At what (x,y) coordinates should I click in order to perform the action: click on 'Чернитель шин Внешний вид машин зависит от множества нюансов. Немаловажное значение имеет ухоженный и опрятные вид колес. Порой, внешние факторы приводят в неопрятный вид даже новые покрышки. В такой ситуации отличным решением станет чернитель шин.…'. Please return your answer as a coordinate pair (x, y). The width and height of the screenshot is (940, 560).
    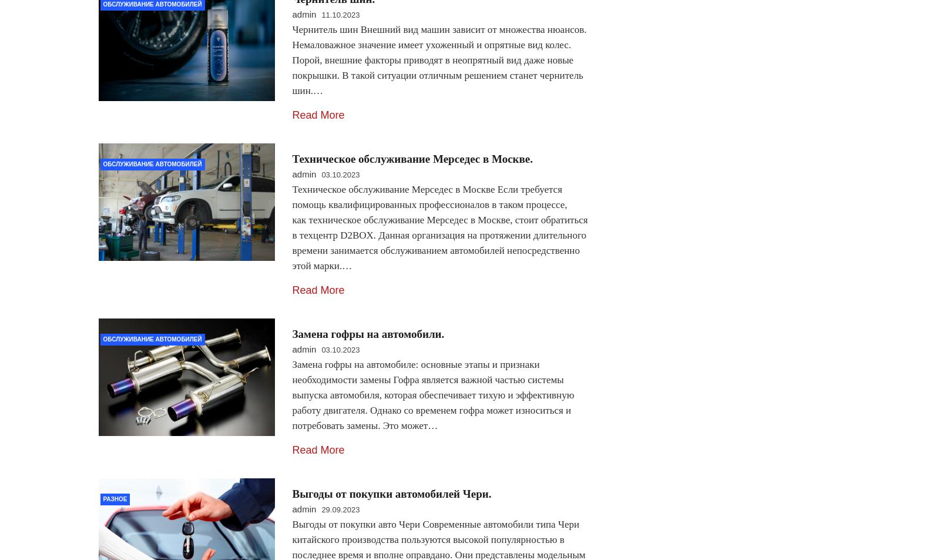
    Looking at the image, I should click on (439, 59).